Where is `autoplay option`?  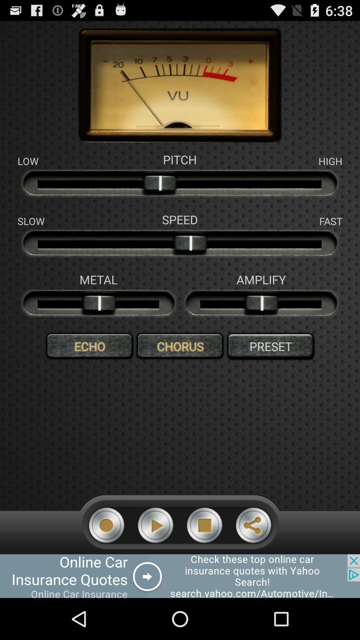
autoplay option is located at coordinates (155, 525).